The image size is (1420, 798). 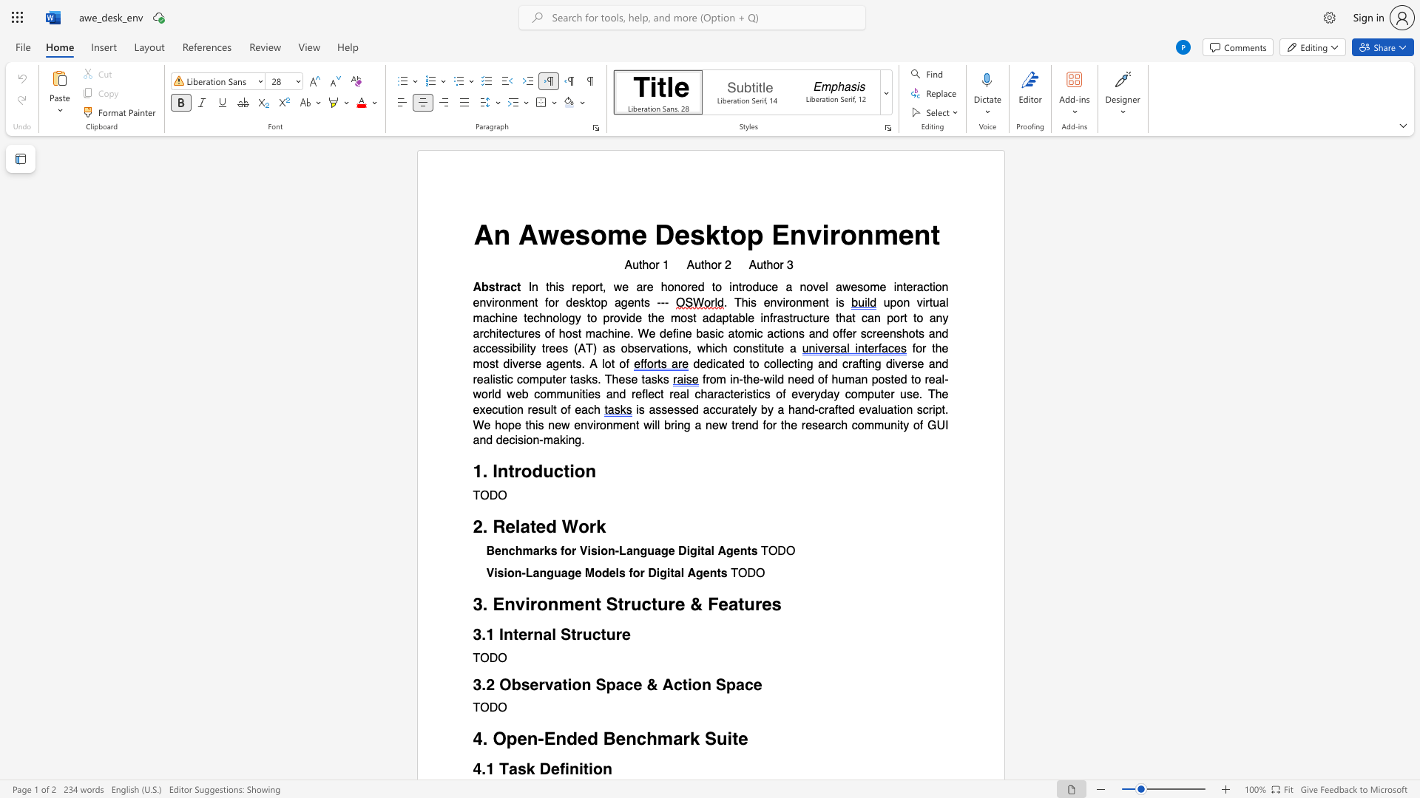 I want to click on the subset text "ll bring a new trend for" within the text "will bring a new trend for the research community of GUI and decision-making.", so click(x=654, y=425).